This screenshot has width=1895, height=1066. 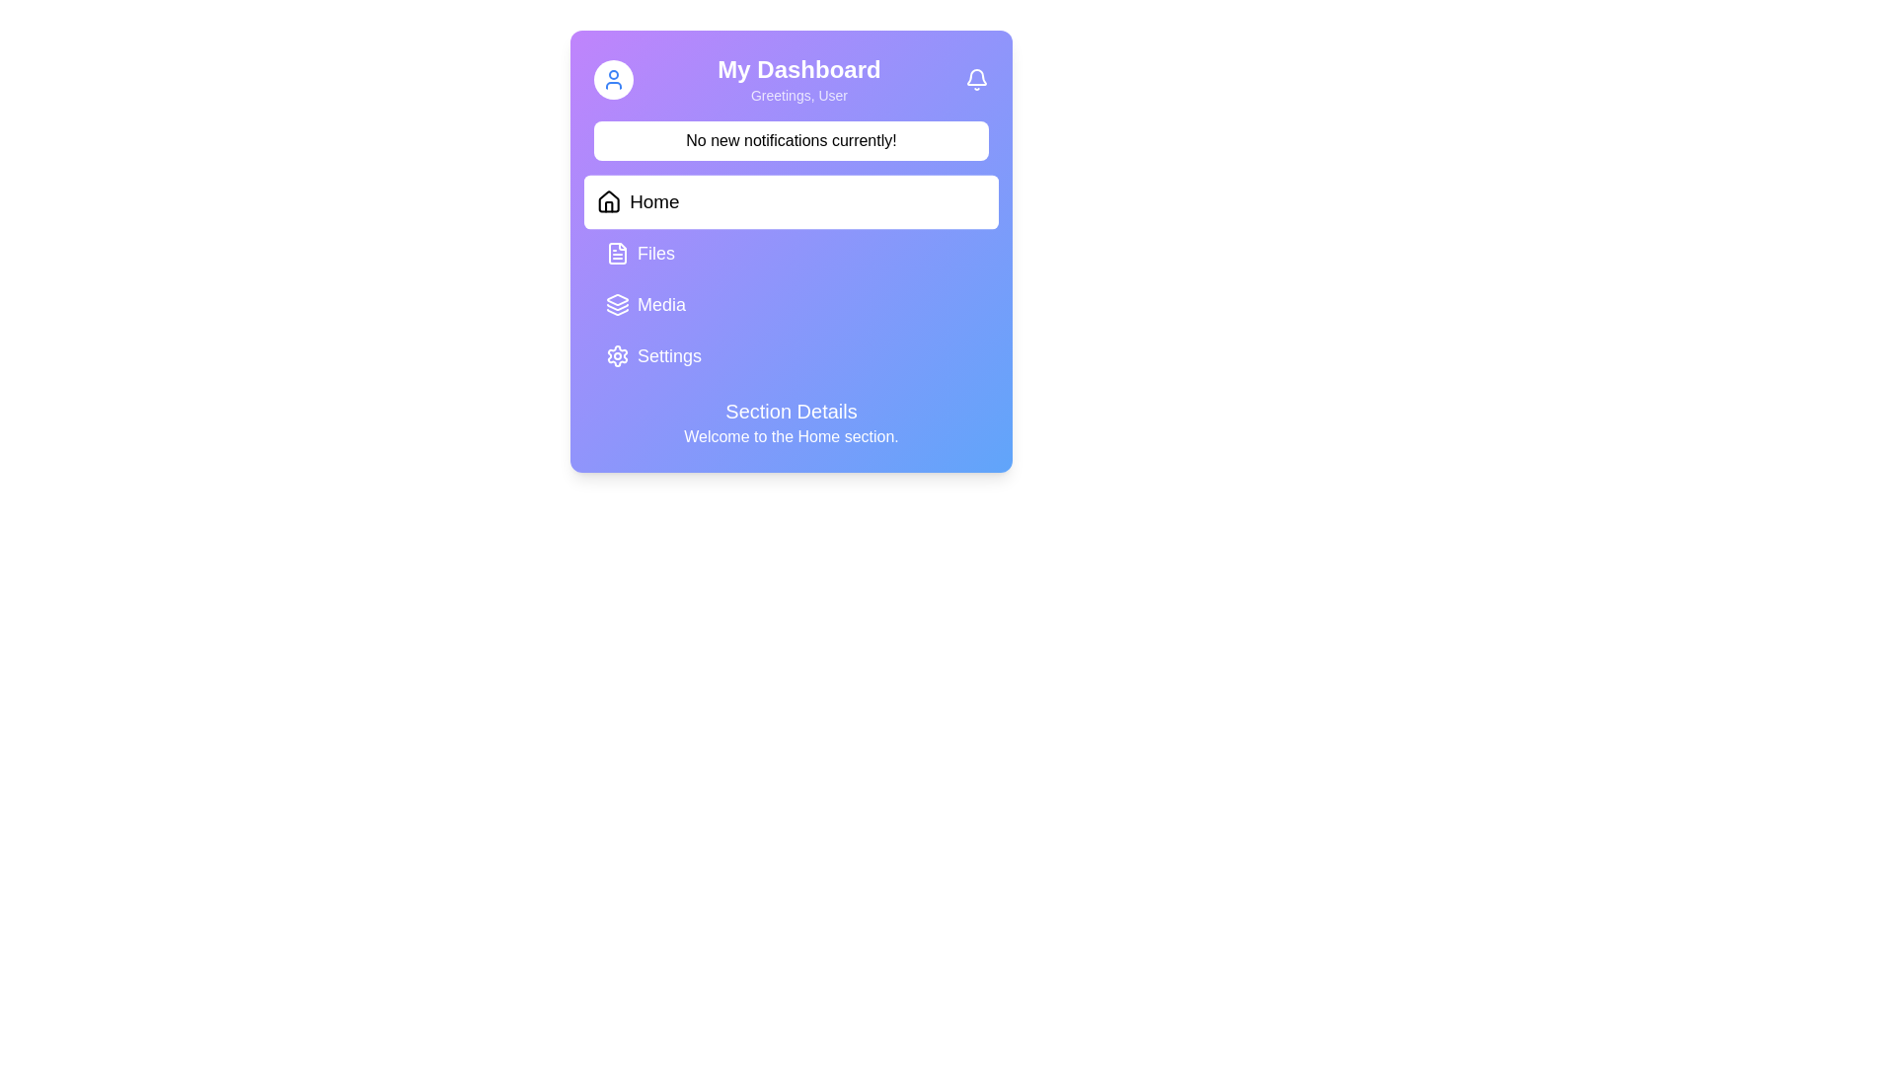 What do you see at coordinates (616, 253) in the screenshot?
I see `the icon representing the 'Files' navigational menu item, which resembles a document with horizontal lines and is styled with a purple gradient background` at bounding box center [616, 253].